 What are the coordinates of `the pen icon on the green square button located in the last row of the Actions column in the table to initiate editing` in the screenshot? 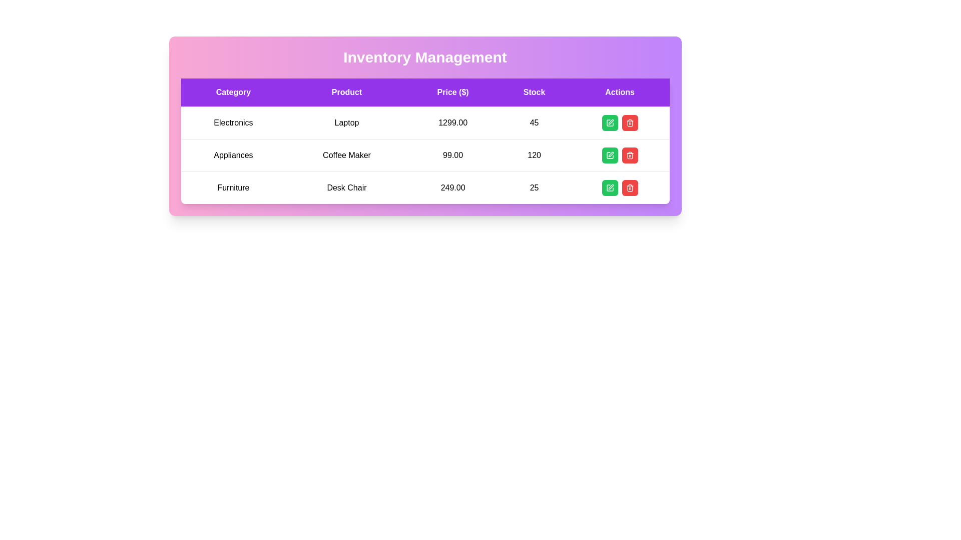 It's located at (609, 187).